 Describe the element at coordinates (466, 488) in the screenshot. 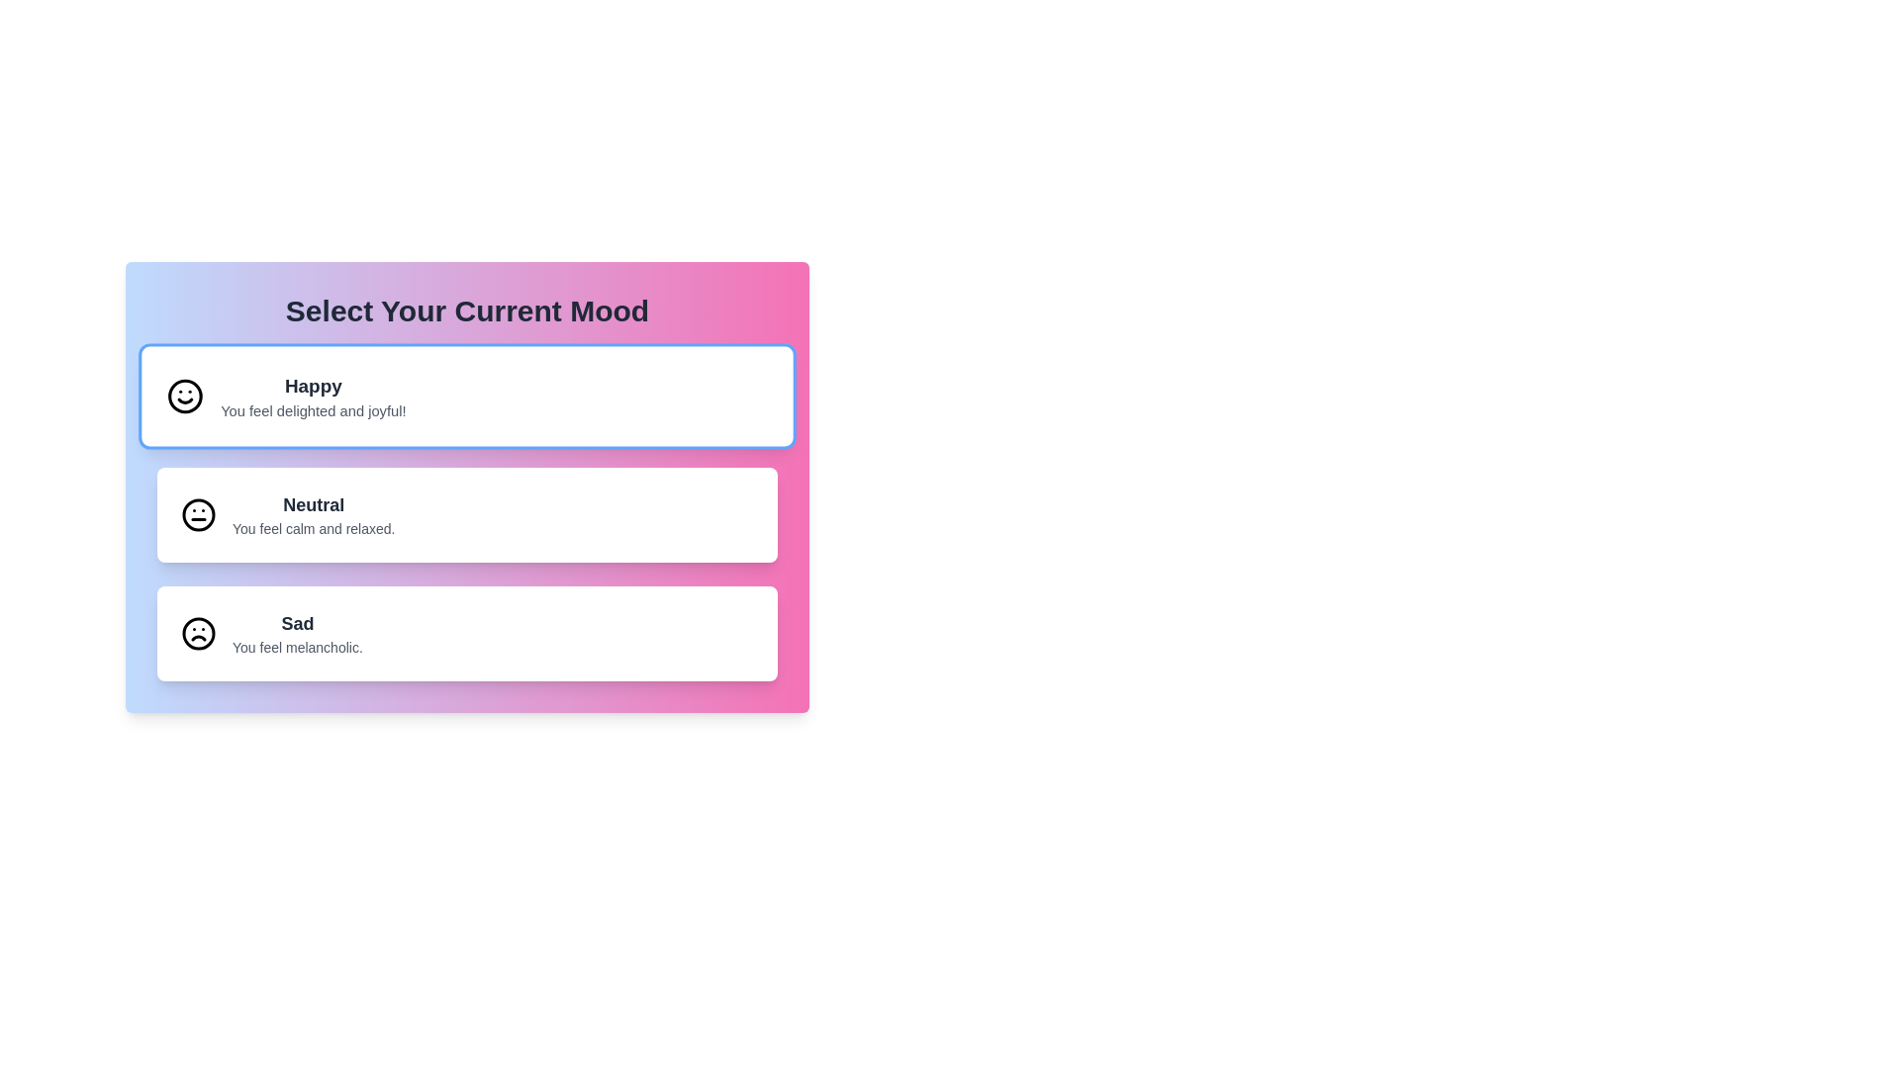

I see `the 'Neutral' mood option in the selectable list item with a gradient background, located in the middle of the mood-selector options` at that location.